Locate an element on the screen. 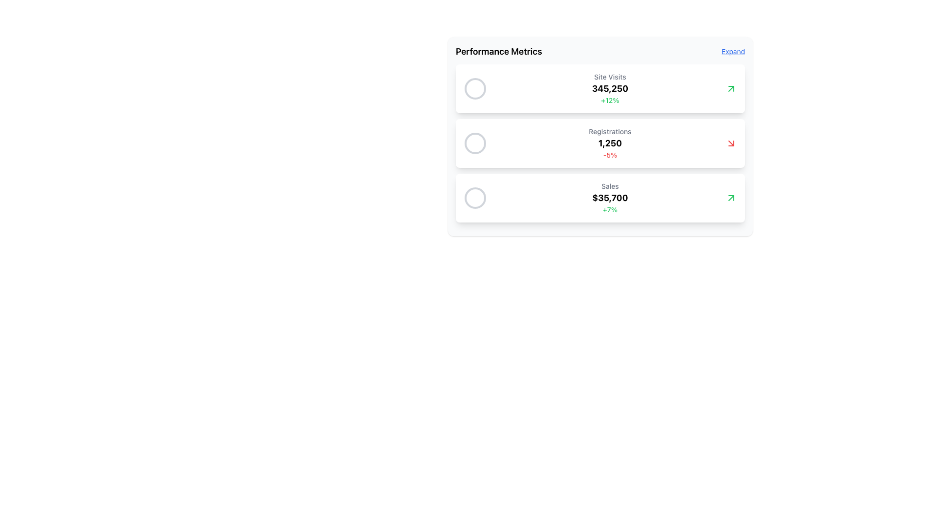 The height and width of the screenshot is (527, 938). the Text Label displaying the sales figure '$35,700' in the 'Performance Metrics' section, which is located at the center of the bottom-most card is located at coordinates (609, 198).